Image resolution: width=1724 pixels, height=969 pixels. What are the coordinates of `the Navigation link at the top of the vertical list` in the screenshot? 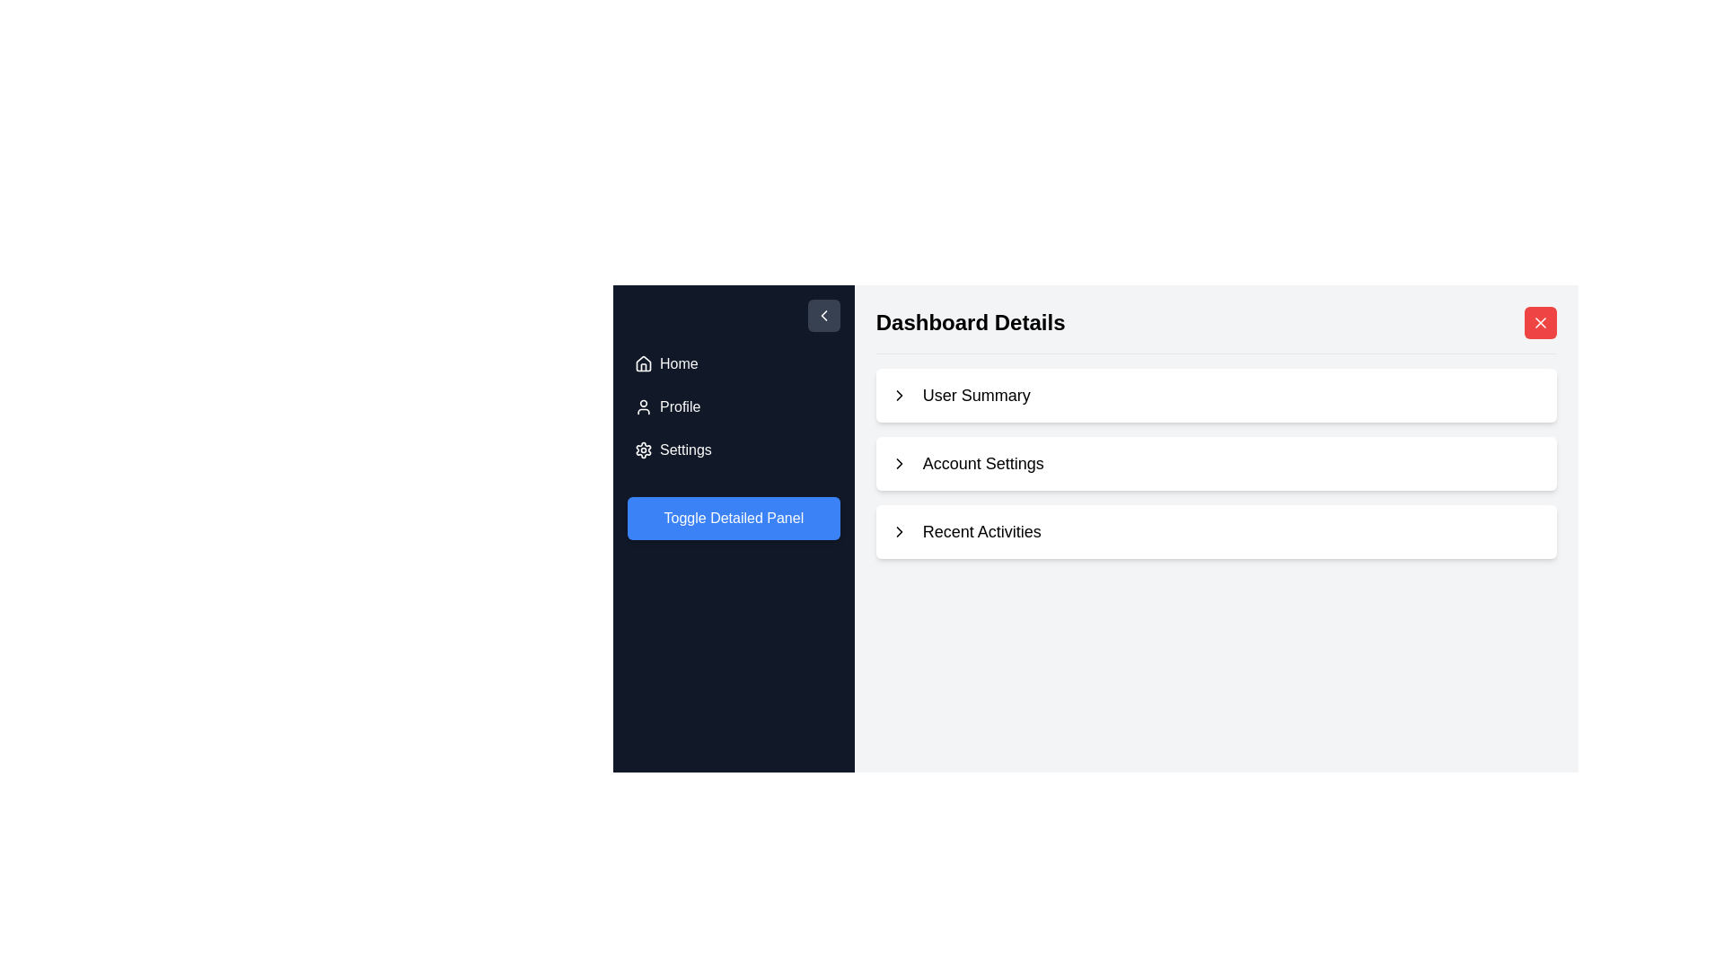 It's located at (734, 363).